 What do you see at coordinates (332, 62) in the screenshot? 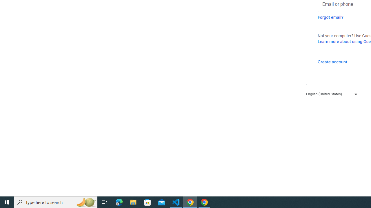
I see `'Create account'` at bounding box center [332, 62].